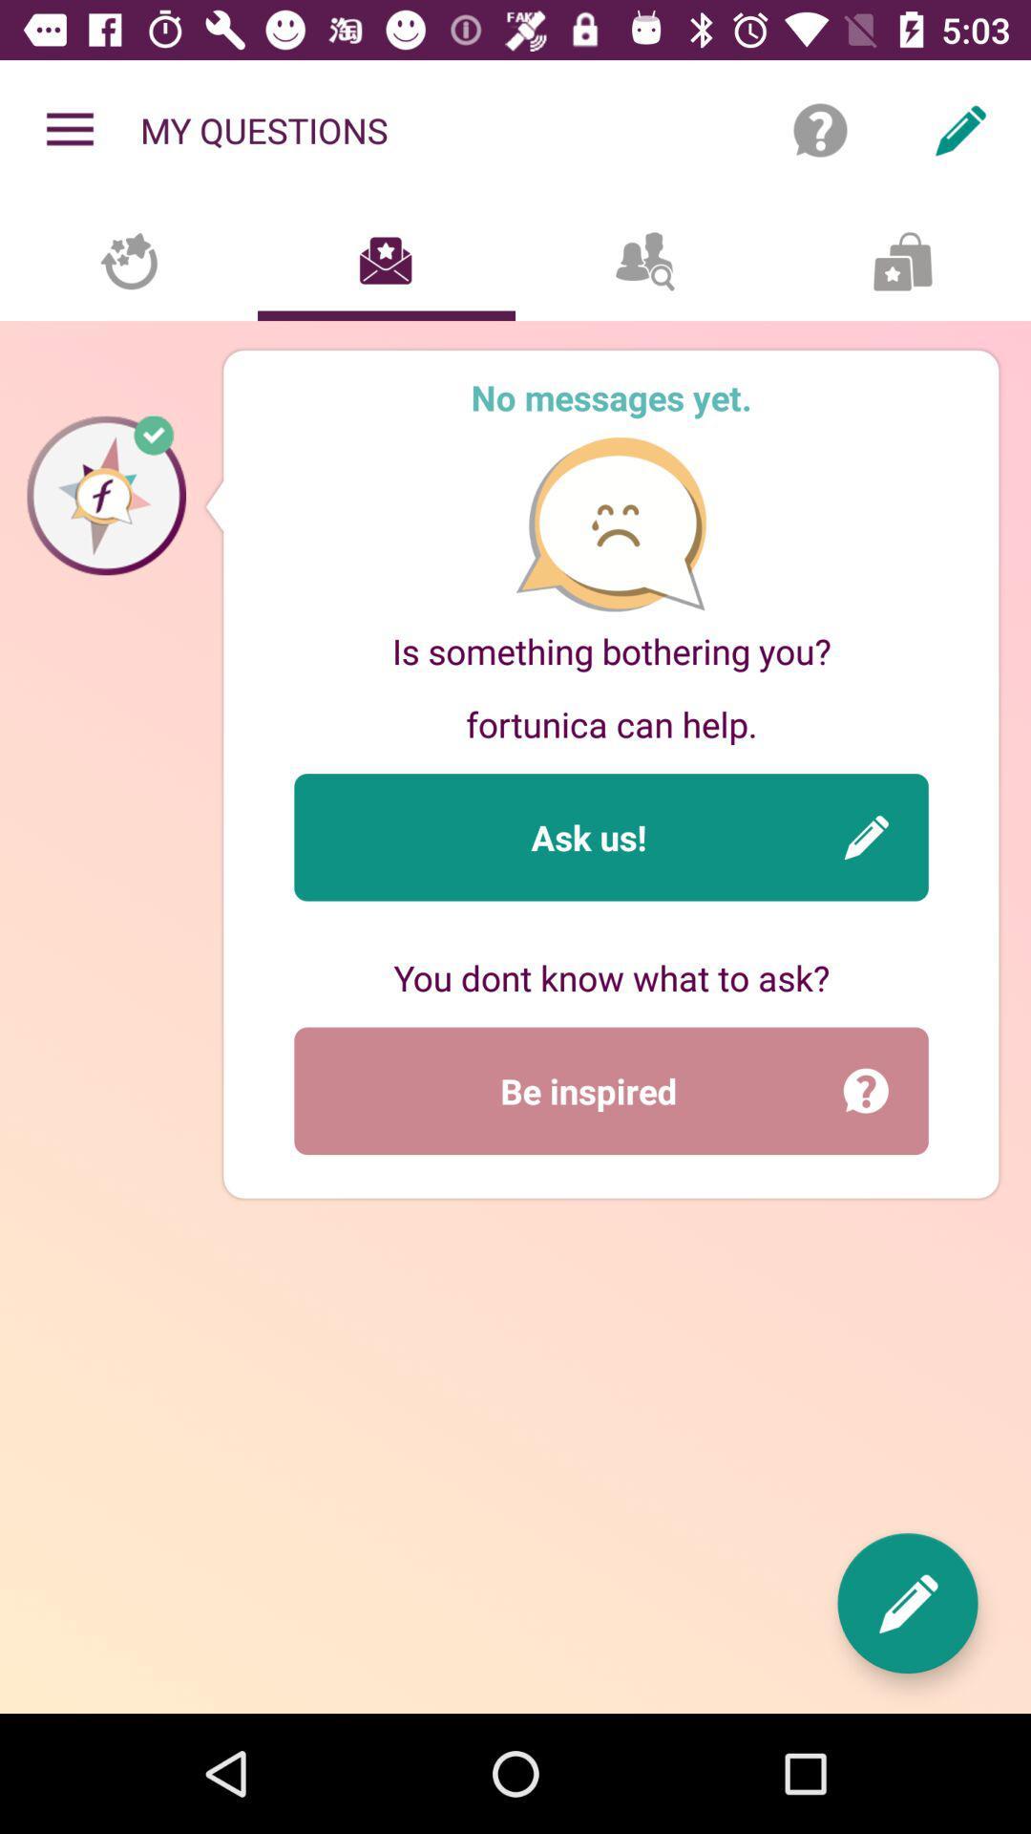  What do you see at coordinates (907, 1603) in the screenshot?
I see `the item at the bottom right corner` at bounding box center [907, 1603].